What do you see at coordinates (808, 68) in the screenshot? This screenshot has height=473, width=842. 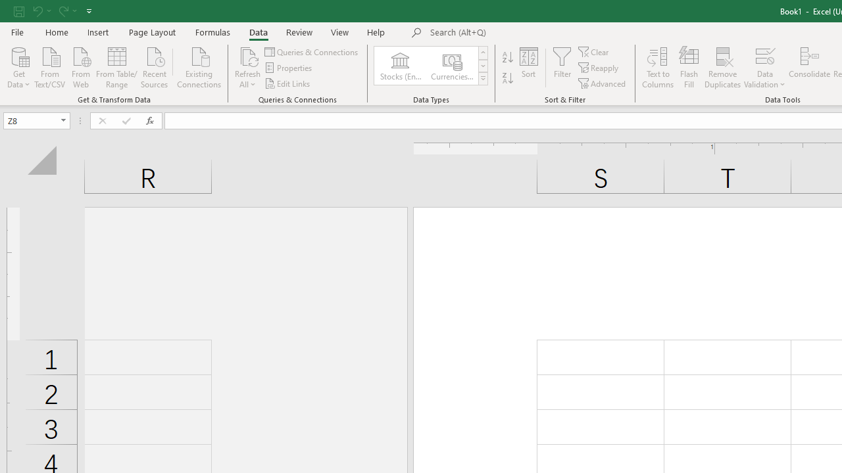 I see `'Consolidate...'` at bounding box center [808, 68].